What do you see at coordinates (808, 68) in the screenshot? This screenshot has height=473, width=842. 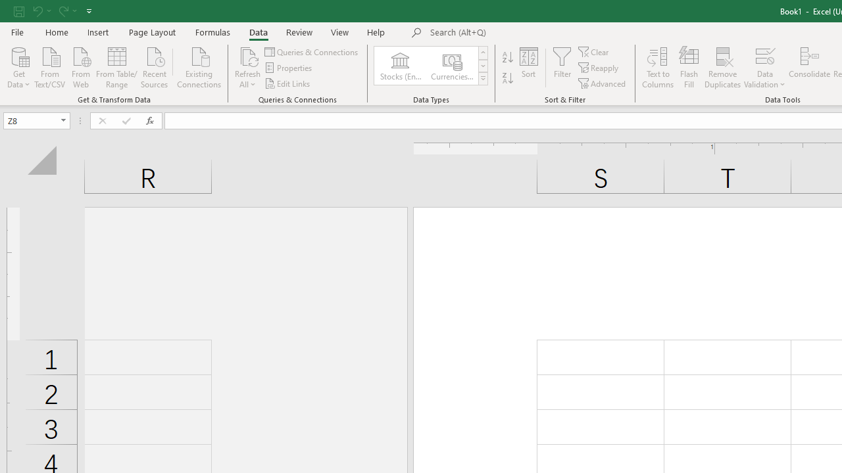 I see `'Consolidate...'` at bounding box center [808, 68].